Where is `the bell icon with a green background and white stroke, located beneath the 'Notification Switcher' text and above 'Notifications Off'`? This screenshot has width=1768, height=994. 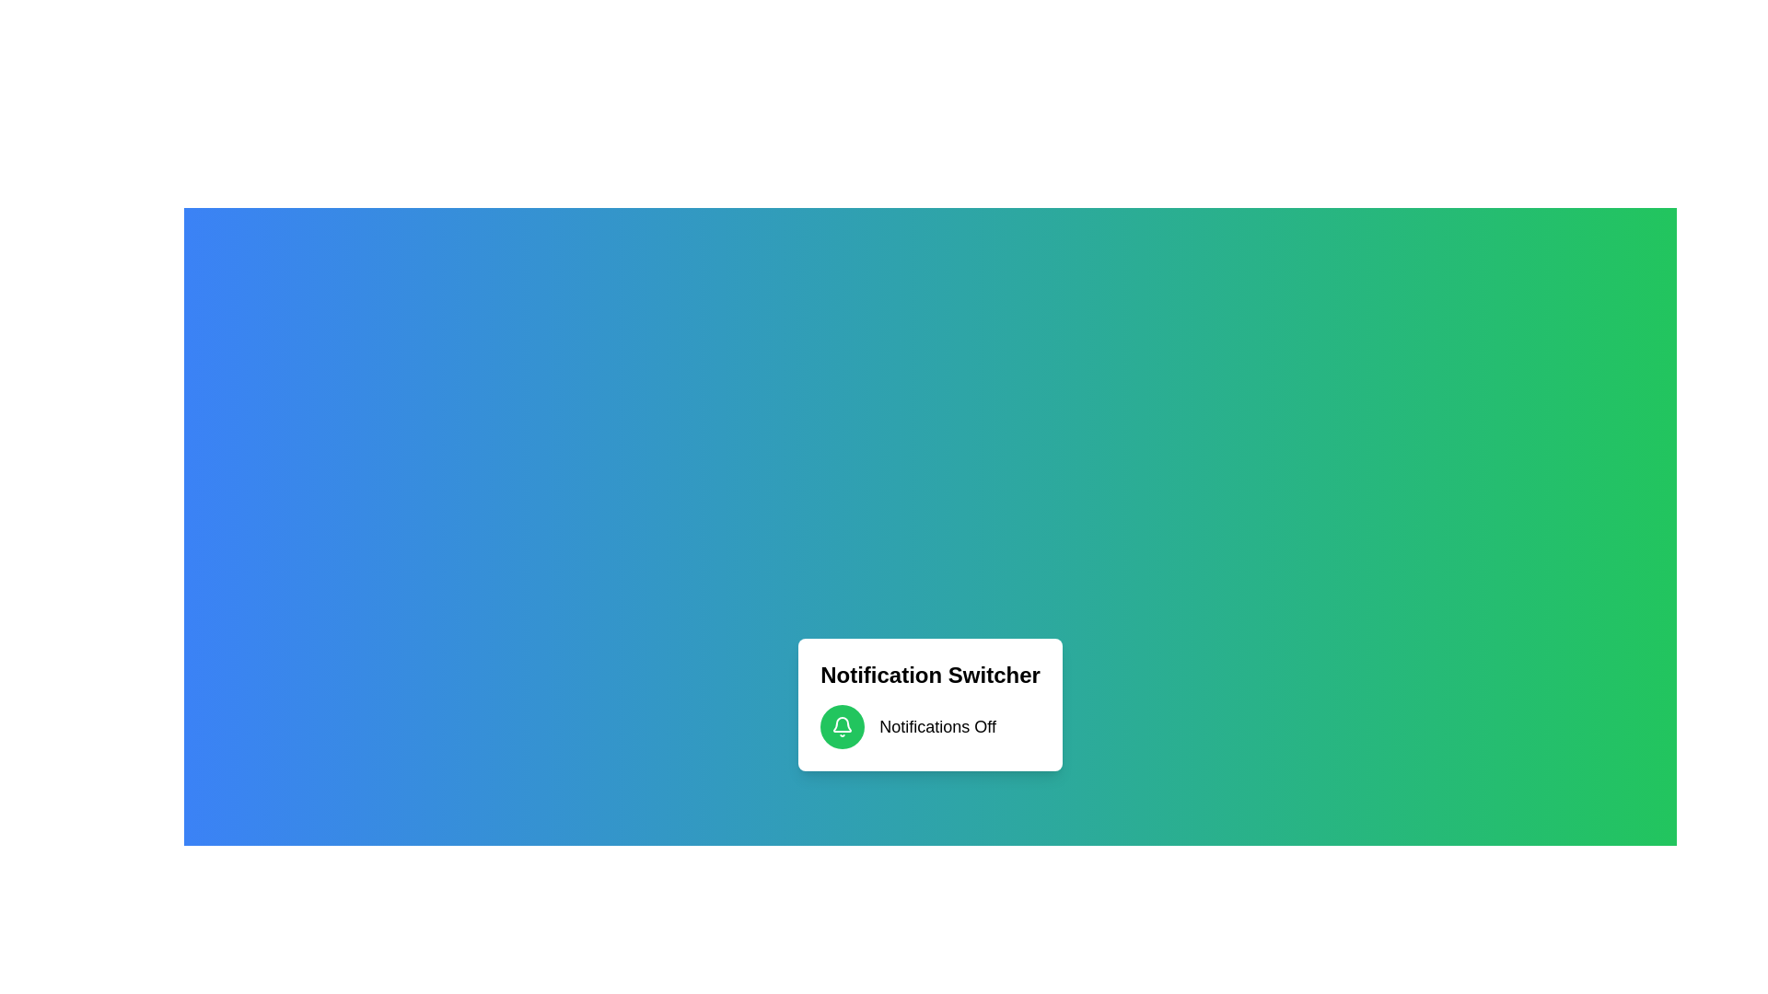
the bell icon with a green background and white stroke, located beneath the 'Notification Switcher' text and above 'Notifications Off' is located at coordinates (842, 726).